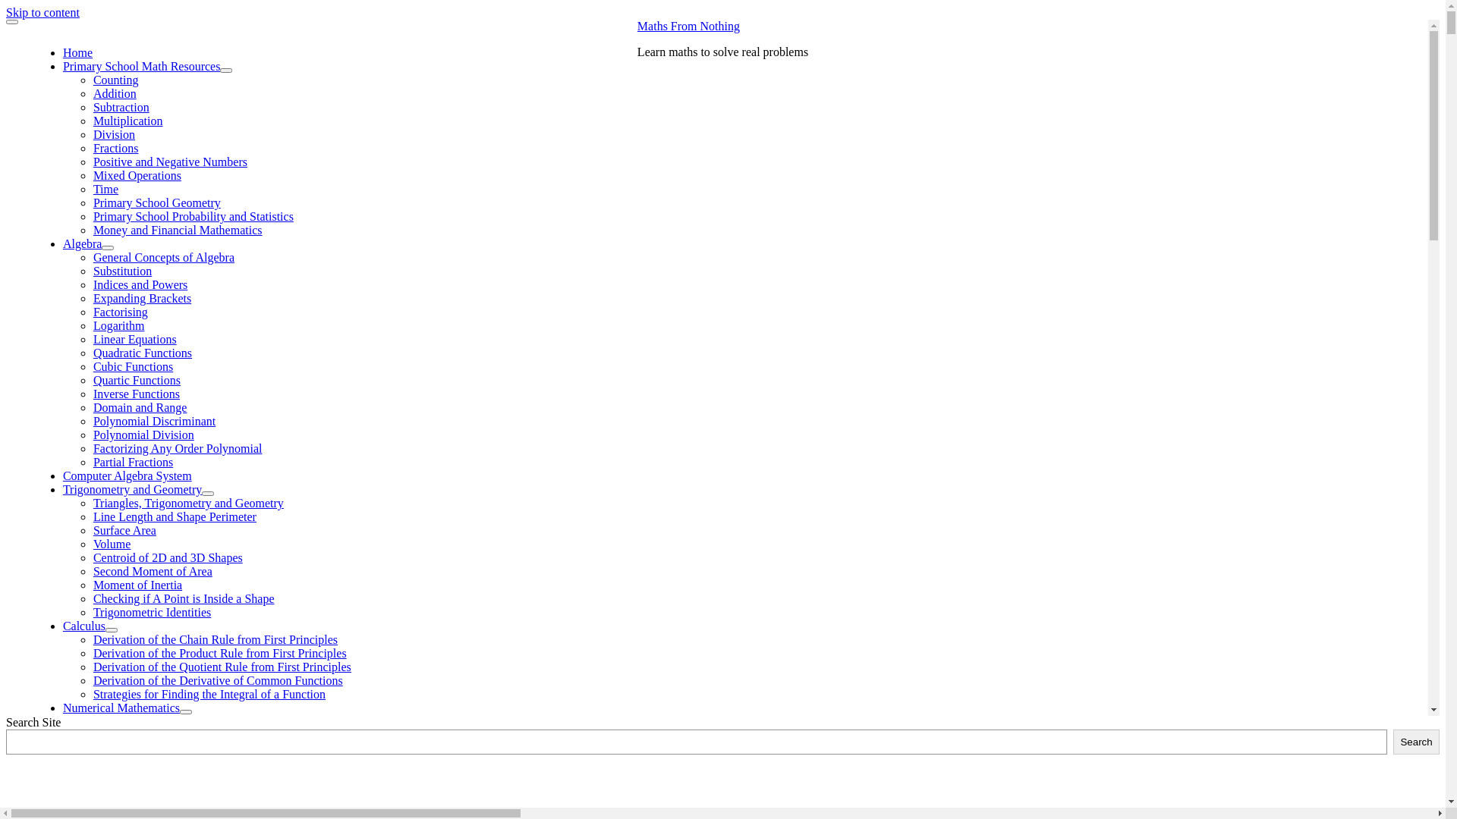  I want to click on 'Computer Algebra System', so click(127, 475).